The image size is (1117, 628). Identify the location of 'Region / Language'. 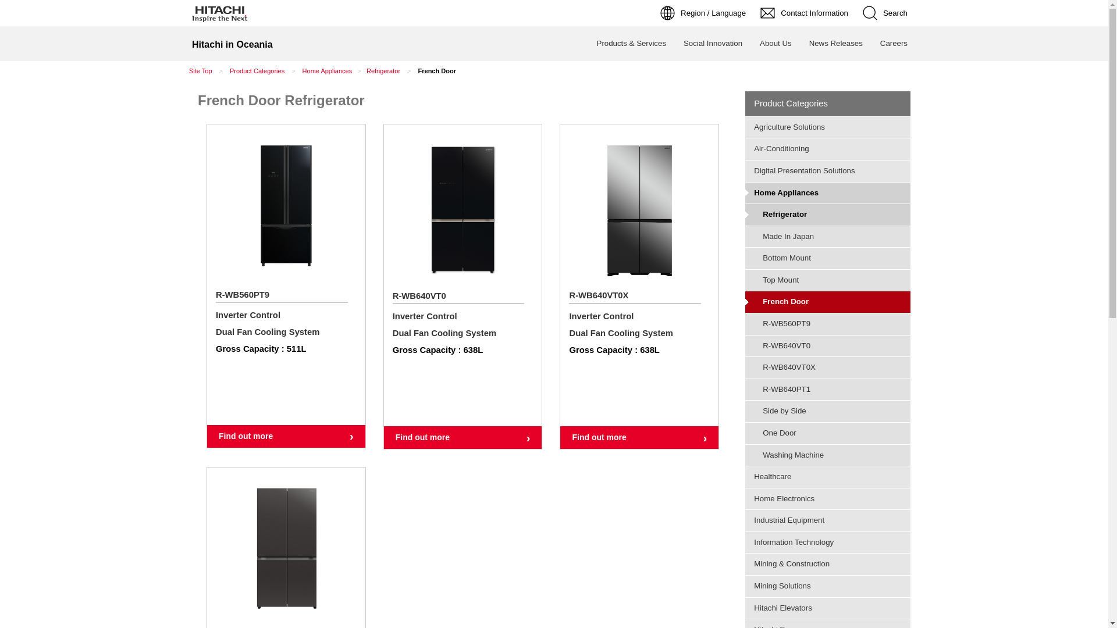
(654, 13).